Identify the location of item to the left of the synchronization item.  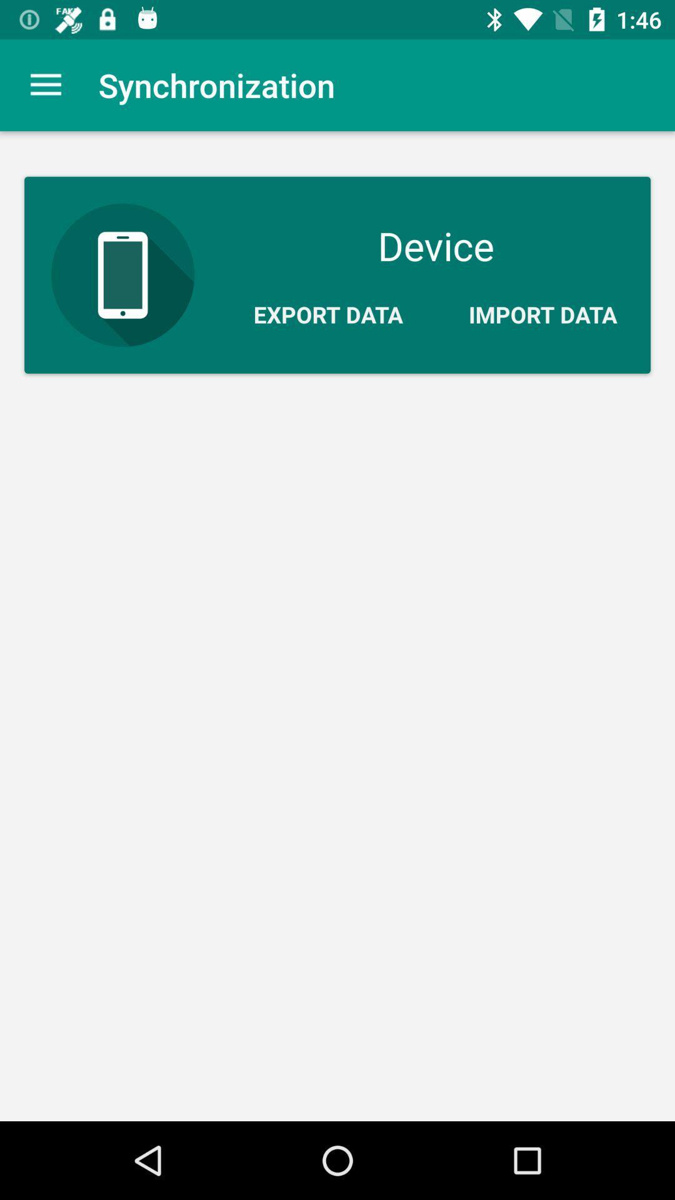
(45, 84).